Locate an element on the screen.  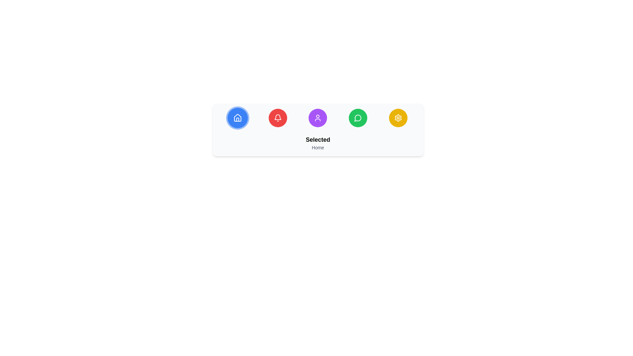
the 'Home' button icon in the navigation bar, which is the first icon from the left is located at coordinates (237, 117).